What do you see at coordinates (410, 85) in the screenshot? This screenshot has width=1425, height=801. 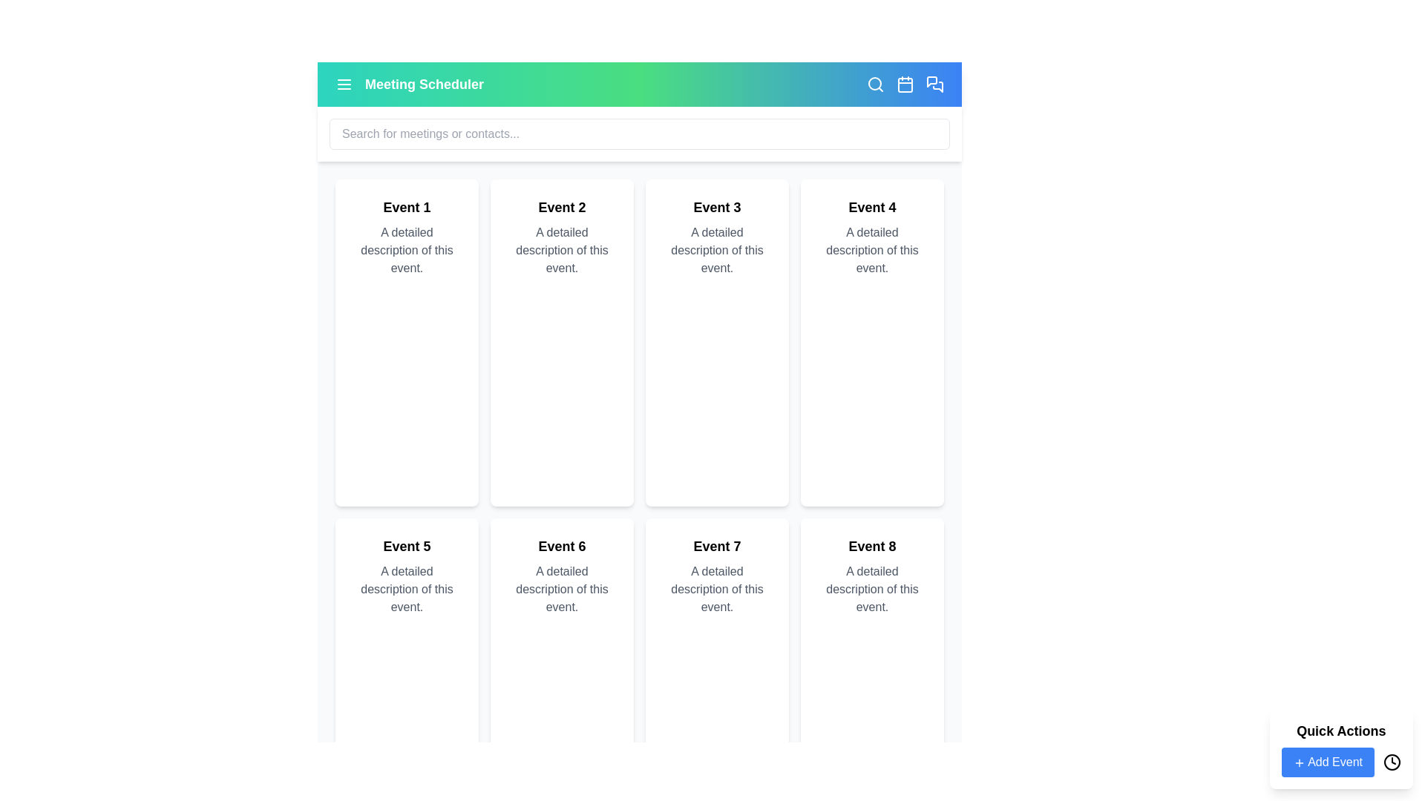 I see `the Label with icon branding component located at the top-left of the page's header area, which serves as the title for the meeting scheduling tool` at bounding box center [410, 85].